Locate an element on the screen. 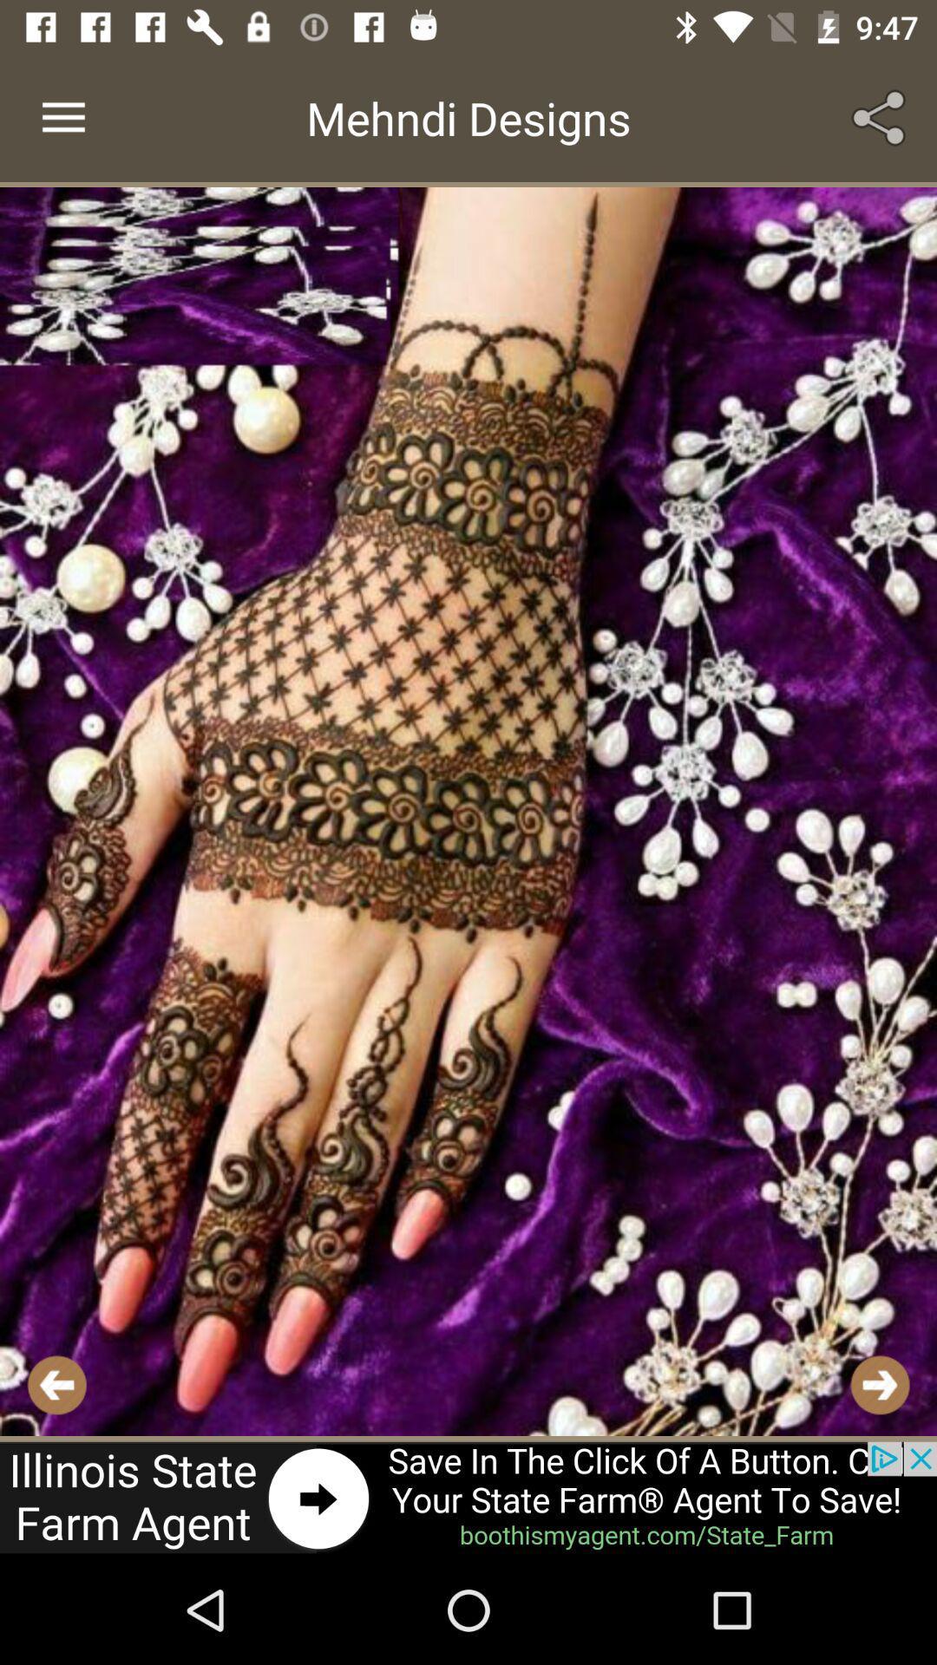 The width and height of the screenshot is (937, 1665). go back is located at coordinates (56, 1384).